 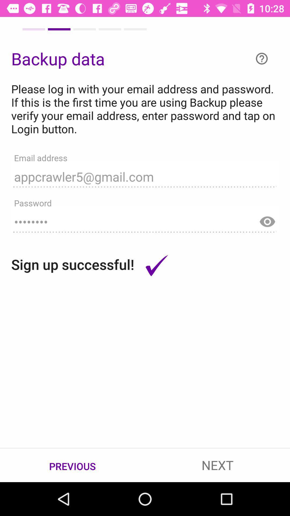 What do you see at coordinates (145, 219) in the screenshot?
I see `the item below the appcrawler5@gmail.com icon` at bounding box center [145, 219].